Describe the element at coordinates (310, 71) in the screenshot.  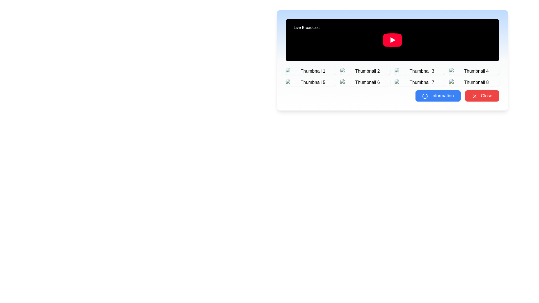
I see `the first thumbnail button in the 4x2 grid layout located under 'Live Broadcast'` at that location.